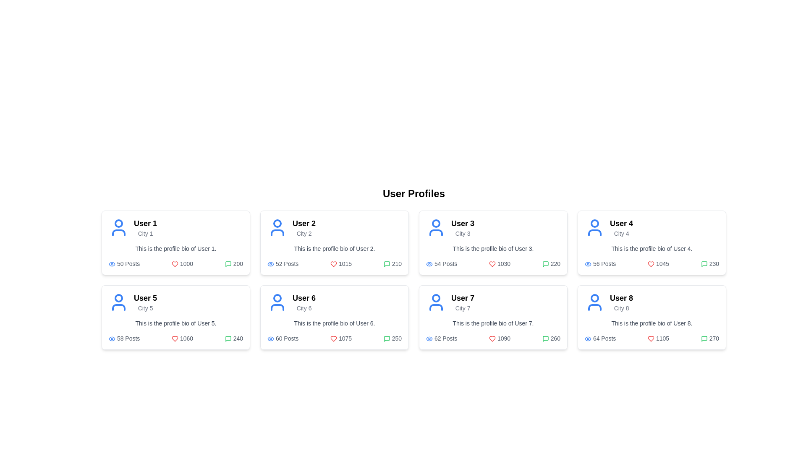 The height and width of the screenshot is (453, 806). What do you see at coordinates (588, 338) in the screenshot?
I see `the SVG icon indicating the visibility or number of views located next to the '64 Posts' text in the bottom-right card of the user profile grid` at bounding box center [588, 338].